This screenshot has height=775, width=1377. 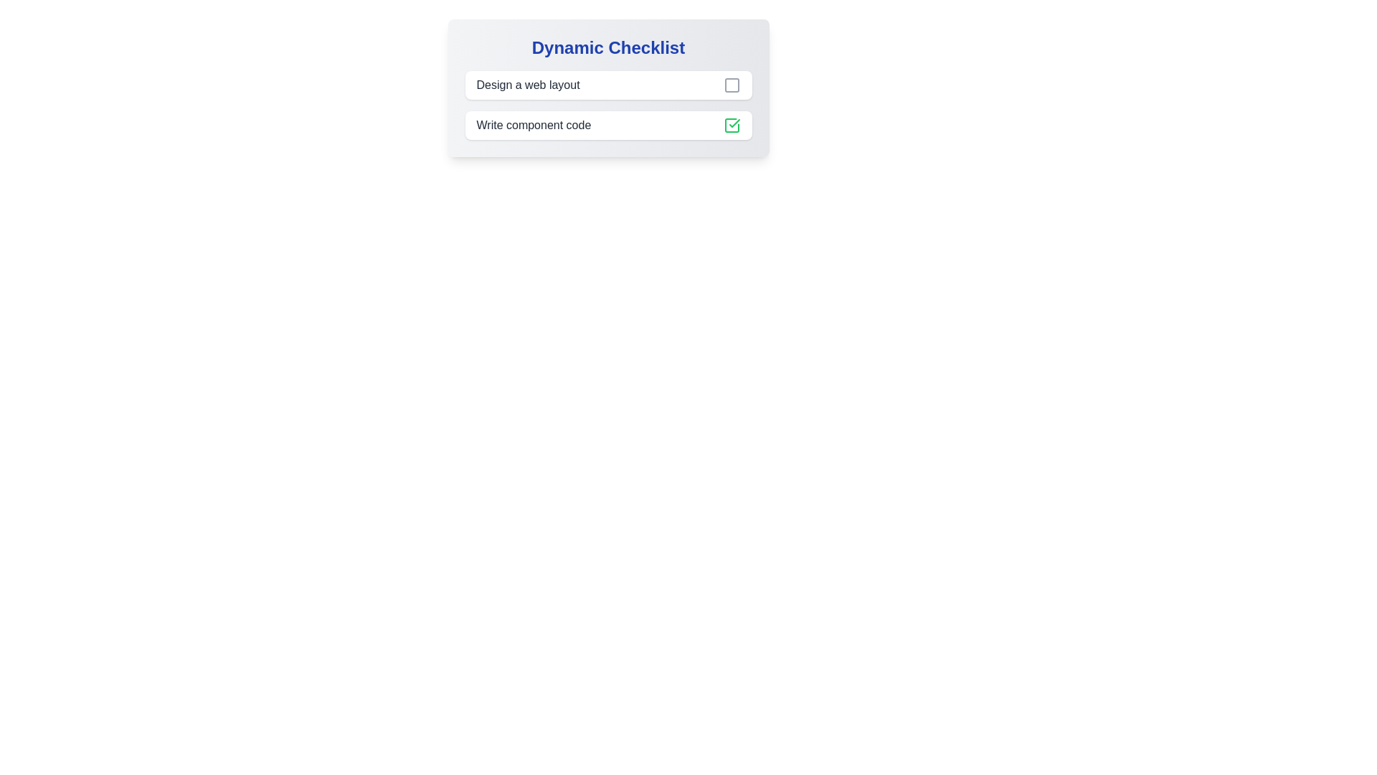 What do you see at coordinates (608, 104) in the screenshot?
I see `the unchecked checkbox next to 'Design a web layout' in the Dynamic Checklist` at bounding box center [608, 104].